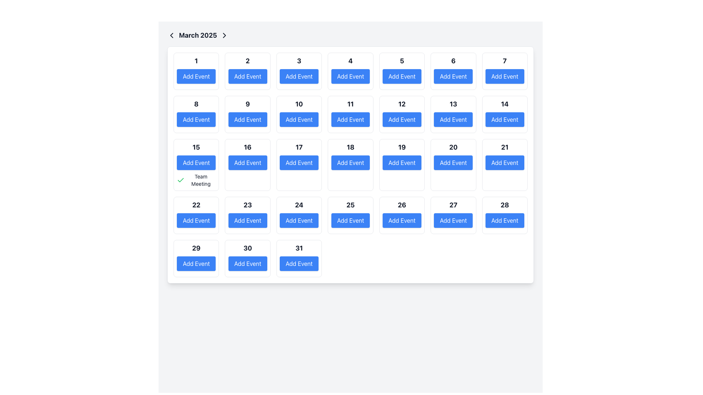  Describe the element at coordinates (248, 264) in the screenshot. I see `the 'Add Event' button with a blue background and white text` at that location.